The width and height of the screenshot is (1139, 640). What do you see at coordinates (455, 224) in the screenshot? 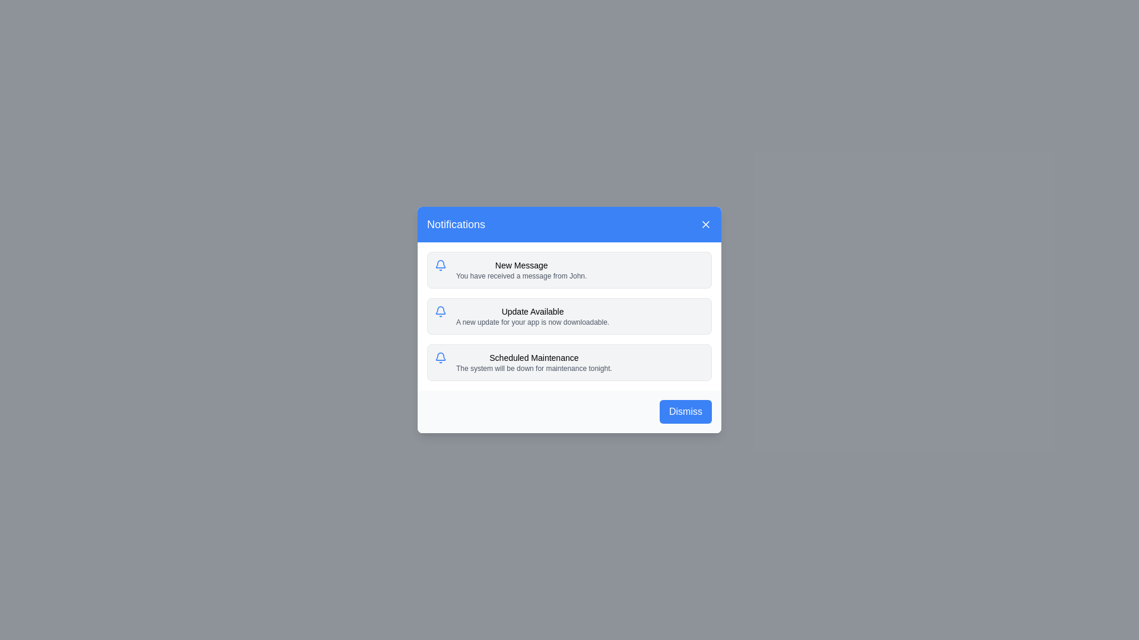
I see `the Text Label that serves as the title for the notifications in the notification dialog, located on the left side of the top header` at bounding box center [455, 224].